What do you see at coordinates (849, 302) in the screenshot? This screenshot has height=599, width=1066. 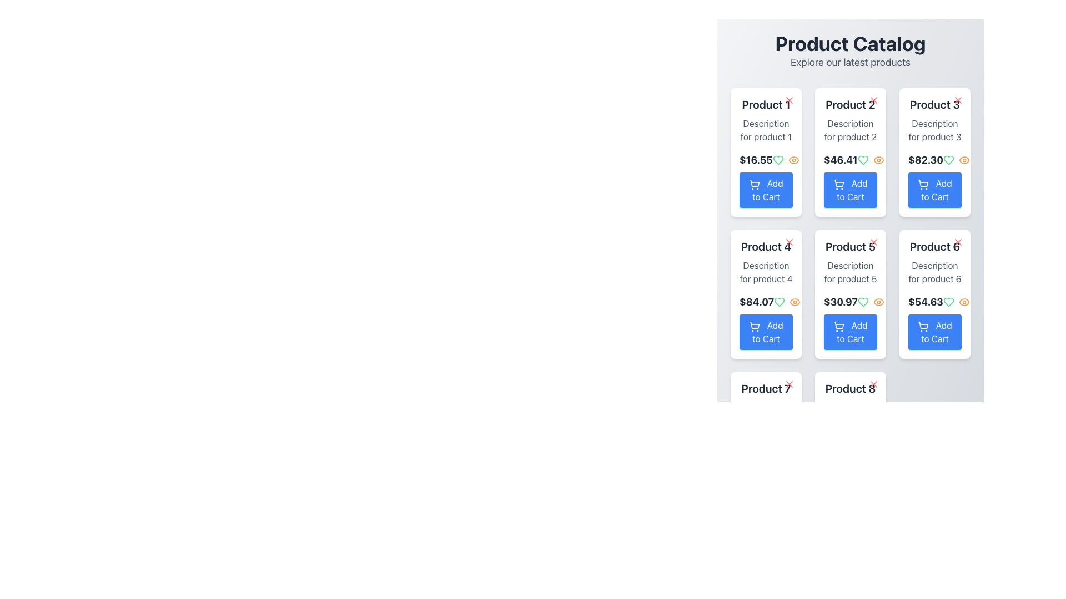 I see `text element displaying the price "$30.97" located below the description for "Product 5" and above the "Add to Cart" button` at bounding box center [849, 302].